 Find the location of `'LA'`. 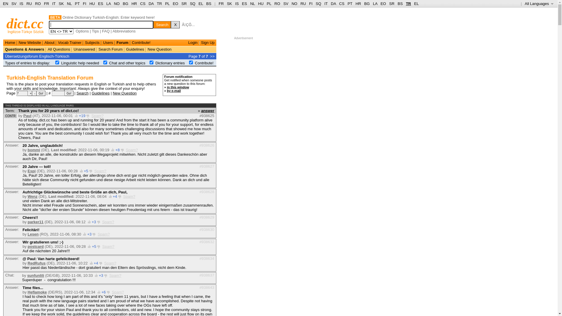

'LA' is located at coordinates (375, 4).